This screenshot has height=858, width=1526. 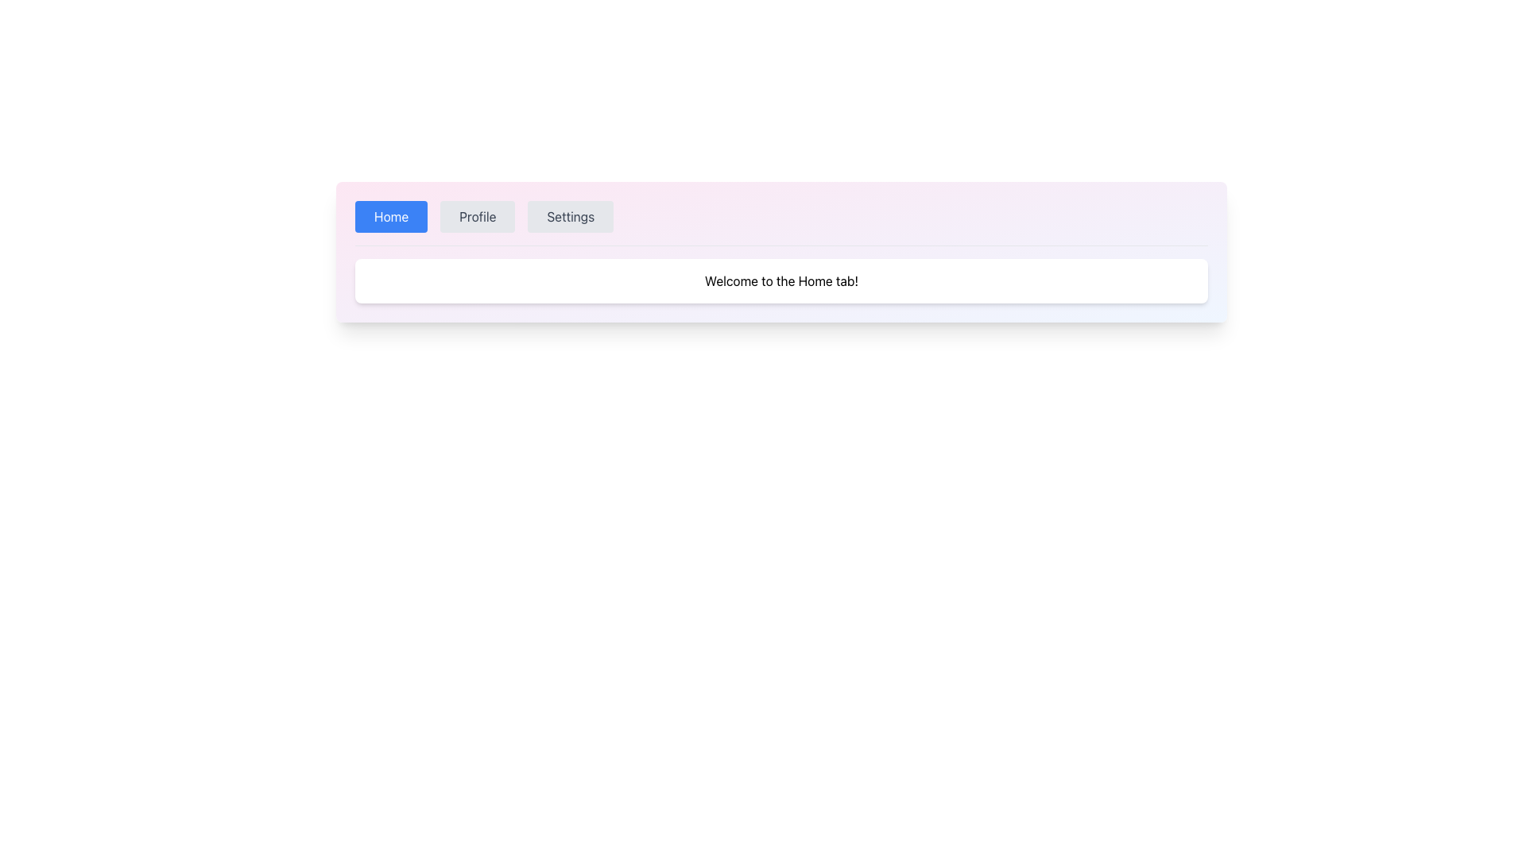 What do you see at coordinates (781, 280) in the screenshot?
I see `the text label that reads 'Welcome to the Home tab!' which is displayed in black font on a white background, located below the tab navigation bar` at bounding box center [781, 280].